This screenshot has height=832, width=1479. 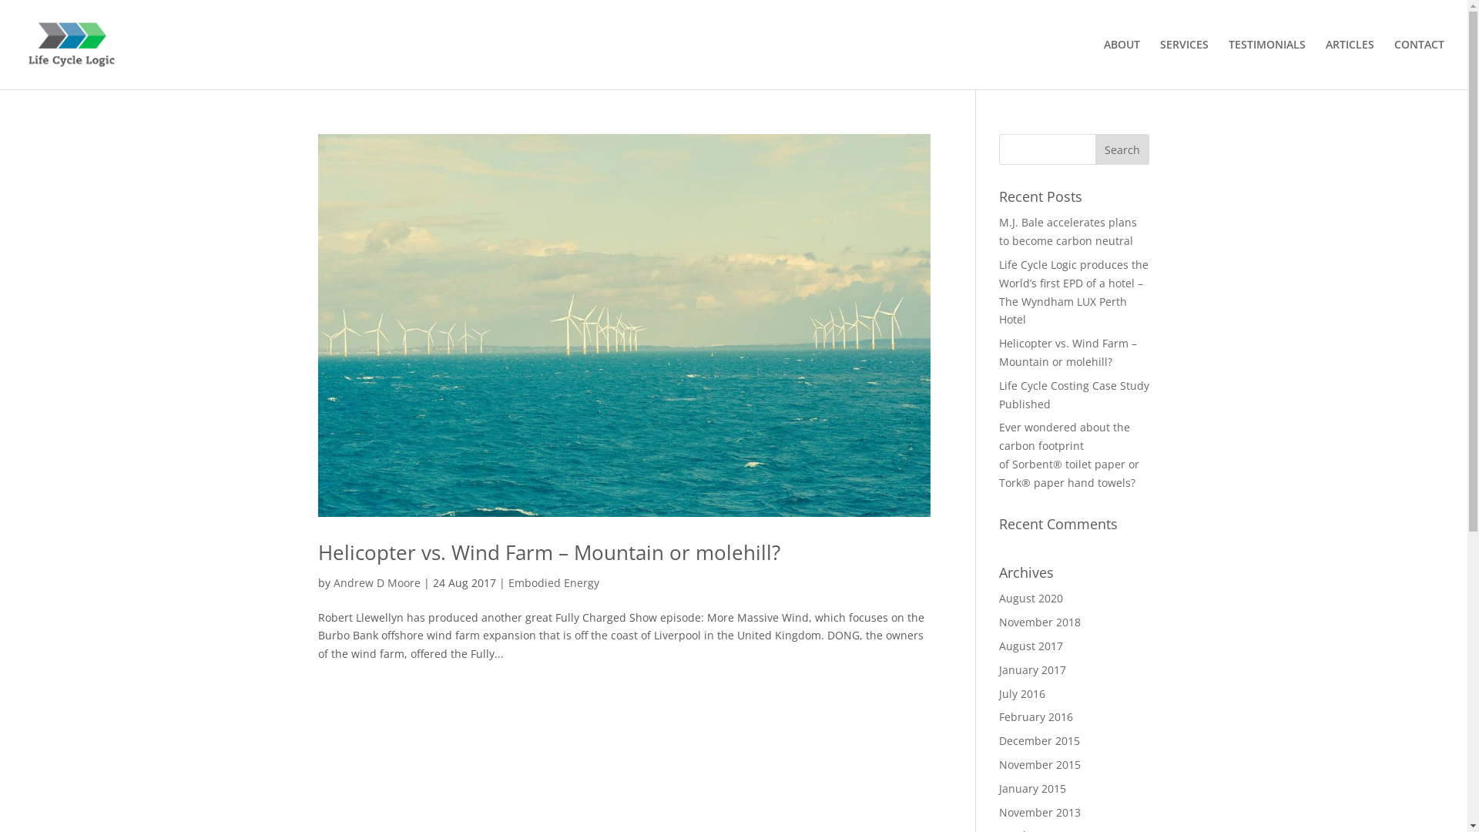 What do you see at coordinates (1393, 63) in the screenshot?
I see `'CONTACT'` at bounding box center [1393, 63].